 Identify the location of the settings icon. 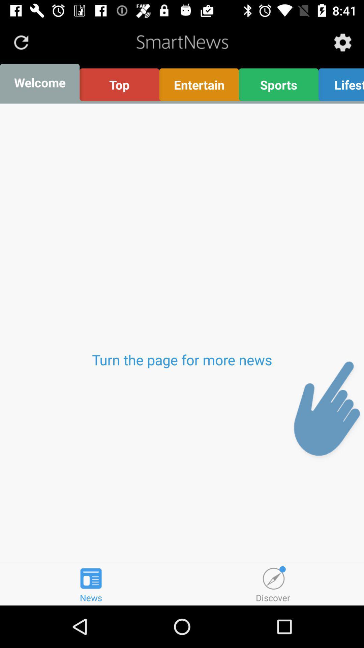
(343, 42).